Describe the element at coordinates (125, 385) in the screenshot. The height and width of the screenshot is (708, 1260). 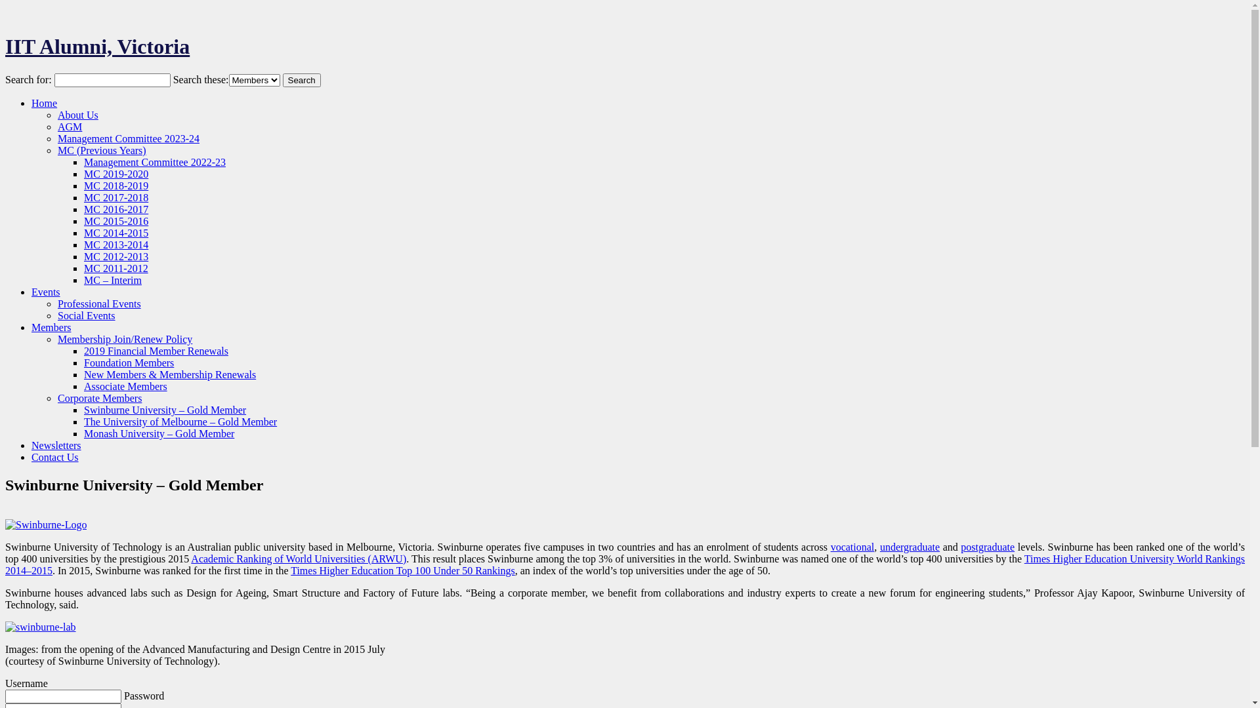
I see `'Associate Members'` at that location.